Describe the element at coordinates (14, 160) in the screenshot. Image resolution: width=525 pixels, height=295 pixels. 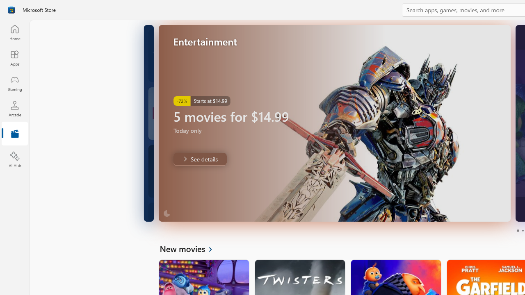
I see `'AI Hub'` at that location.